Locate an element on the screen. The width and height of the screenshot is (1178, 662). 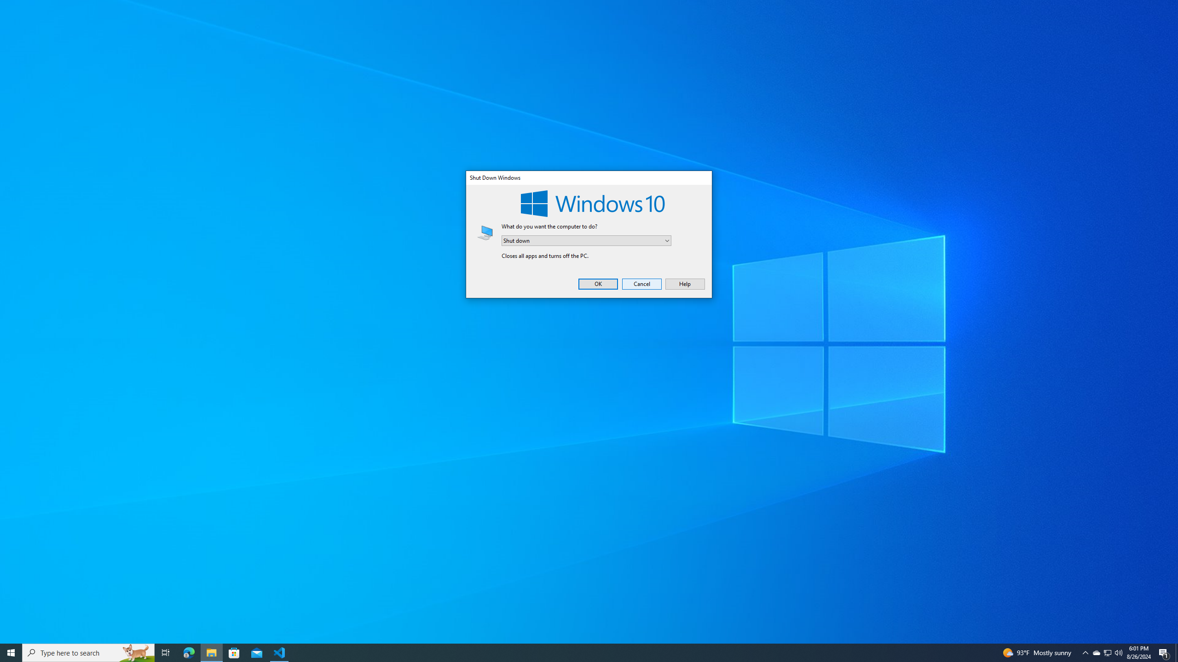
'Running applications' is located at coordinates (580, 652).